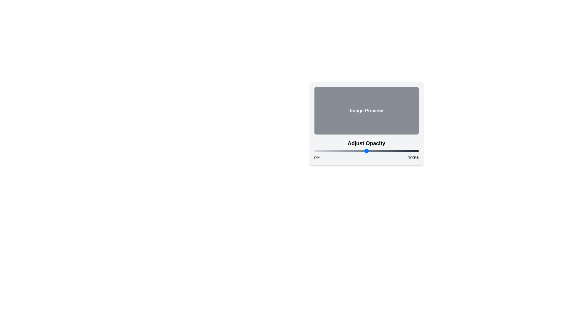 This screenshot has height=320, width=569. Describe the element at coordinates (333, 151) in the screenshot. I see `the opacity` at that location.